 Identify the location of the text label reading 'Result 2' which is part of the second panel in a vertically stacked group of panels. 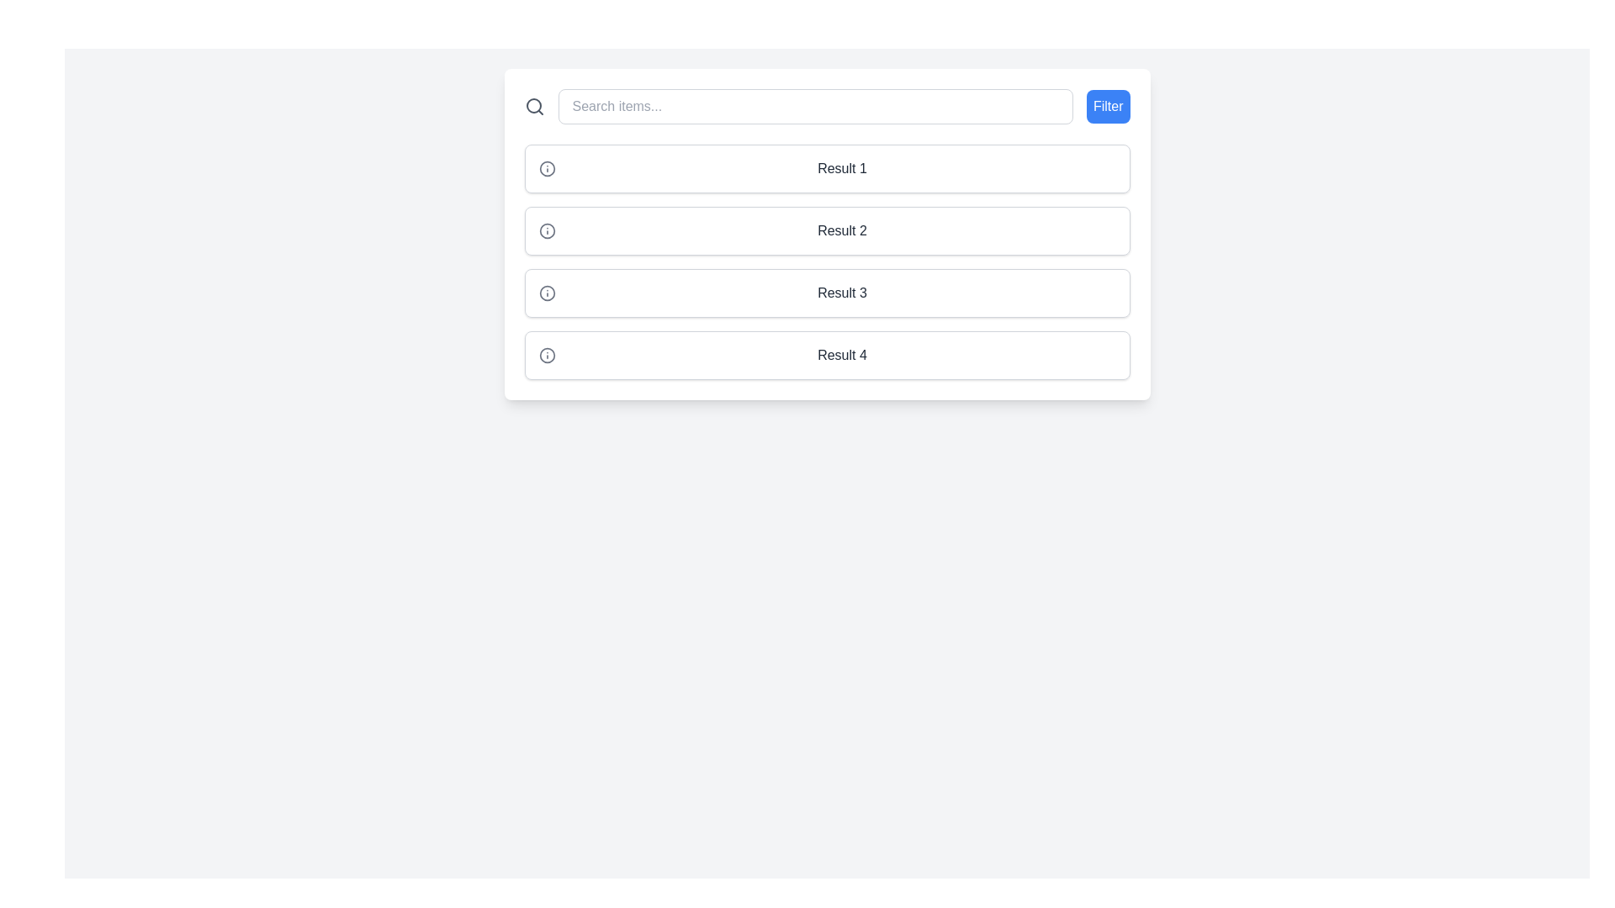
(842, 230).